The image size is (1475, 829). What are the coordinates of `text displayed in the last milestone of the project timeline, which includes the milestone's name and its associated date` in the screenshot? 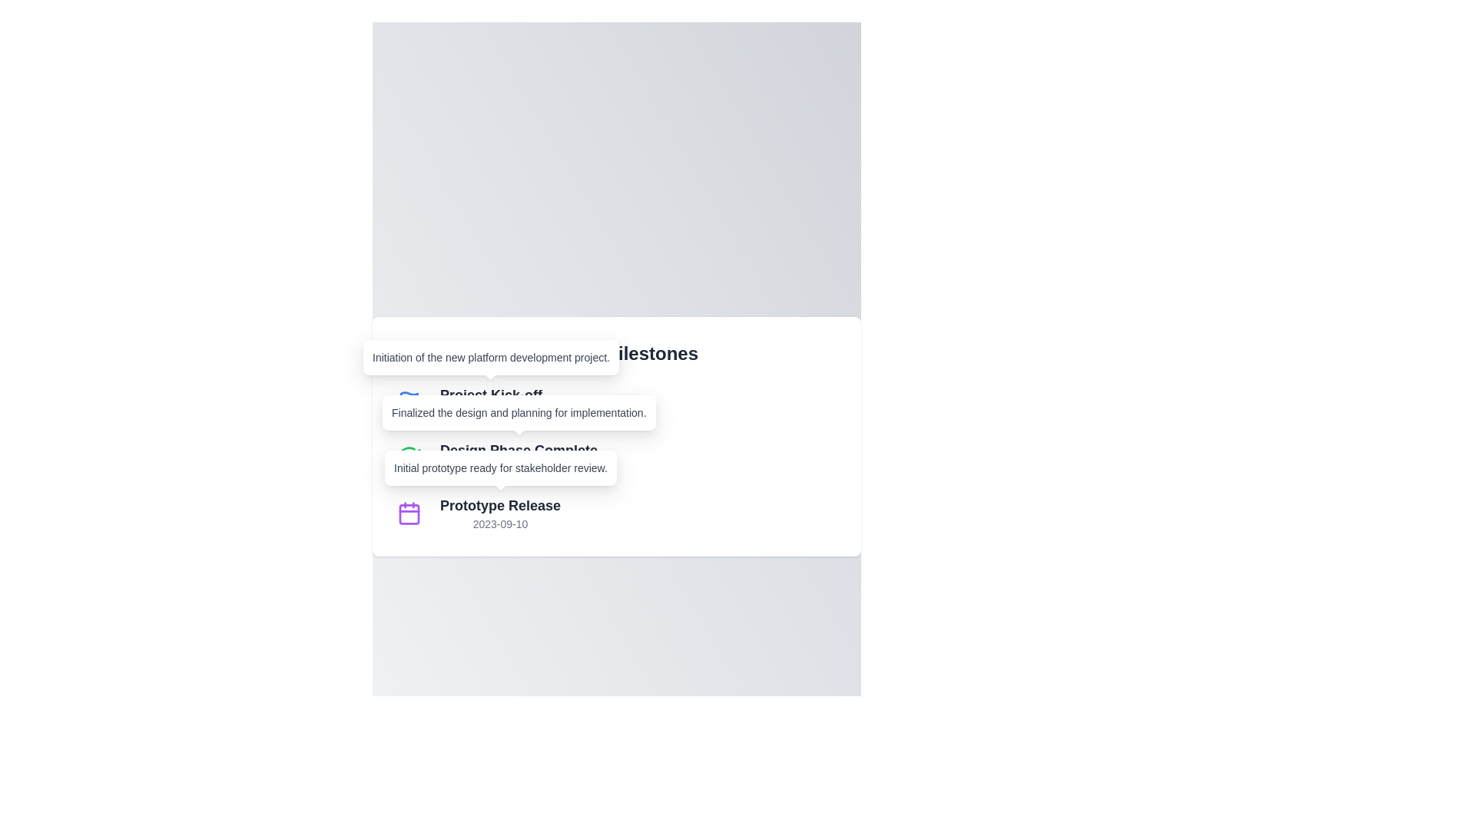 It's located at (500, 513).